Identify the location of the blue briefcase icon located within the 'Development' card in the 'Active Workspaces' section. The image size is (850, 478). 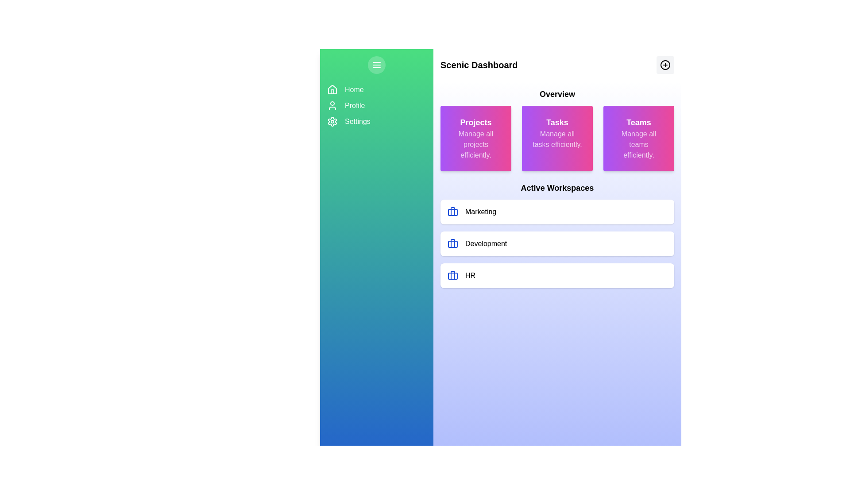
(452, 244).